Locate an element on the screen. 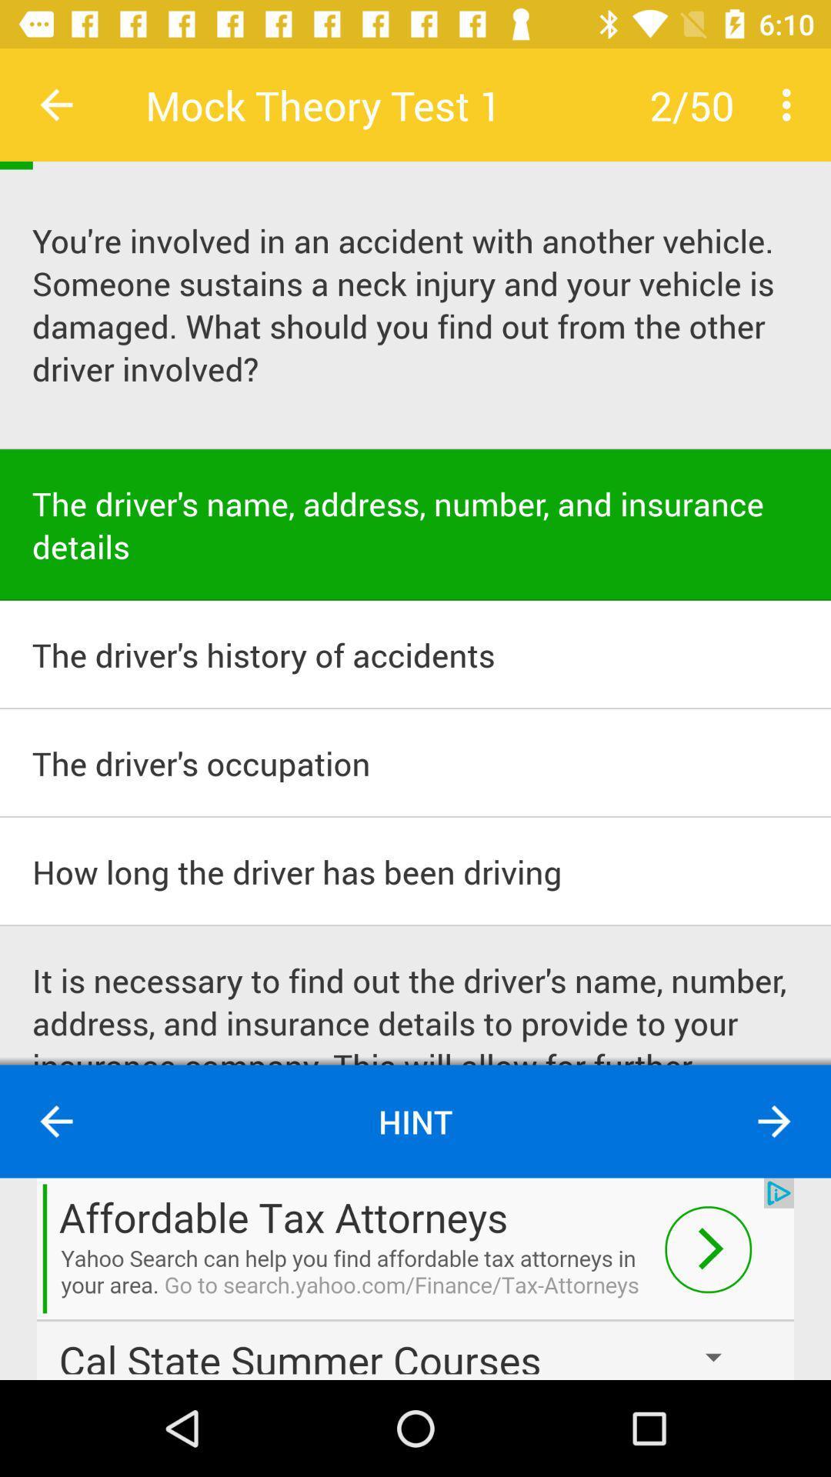 Image resolution: width=831 pixels, height=1477 pixels. advertisement is located at coordinates (415, 1279).